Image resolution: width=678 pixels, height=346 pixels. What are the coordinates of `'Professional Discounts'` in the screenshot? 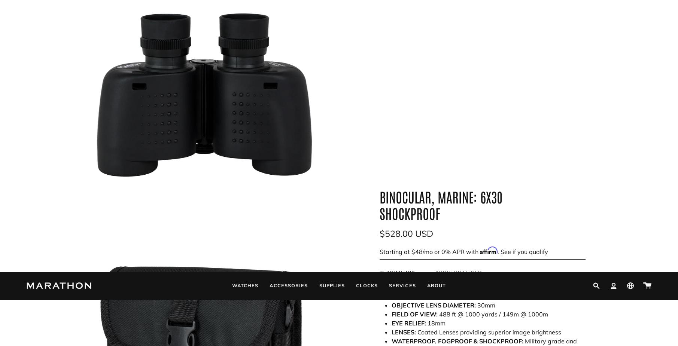 It's located at (269, 289).